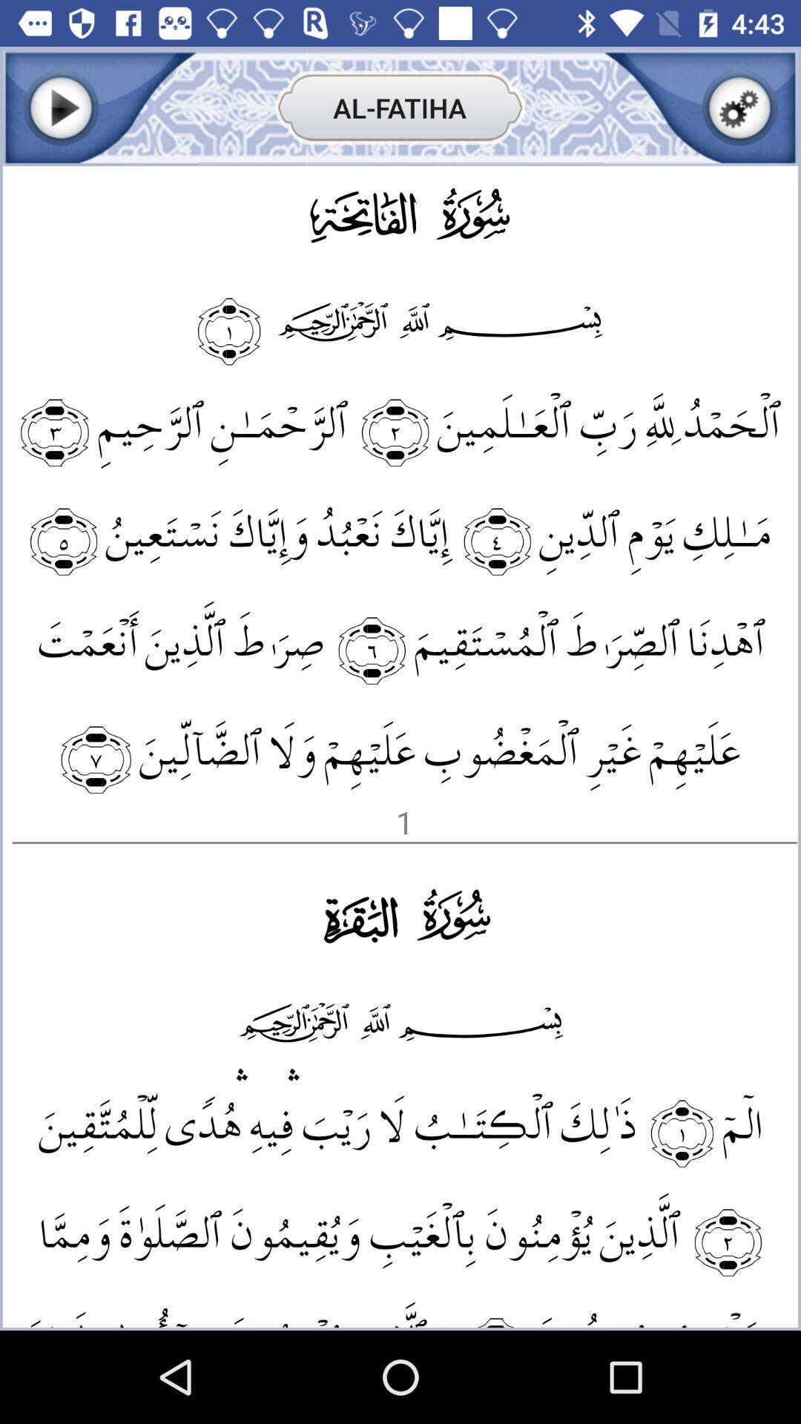 The width and height of the screenshot is (801, 1424). I want to click on the play icon, so click(60, 107).